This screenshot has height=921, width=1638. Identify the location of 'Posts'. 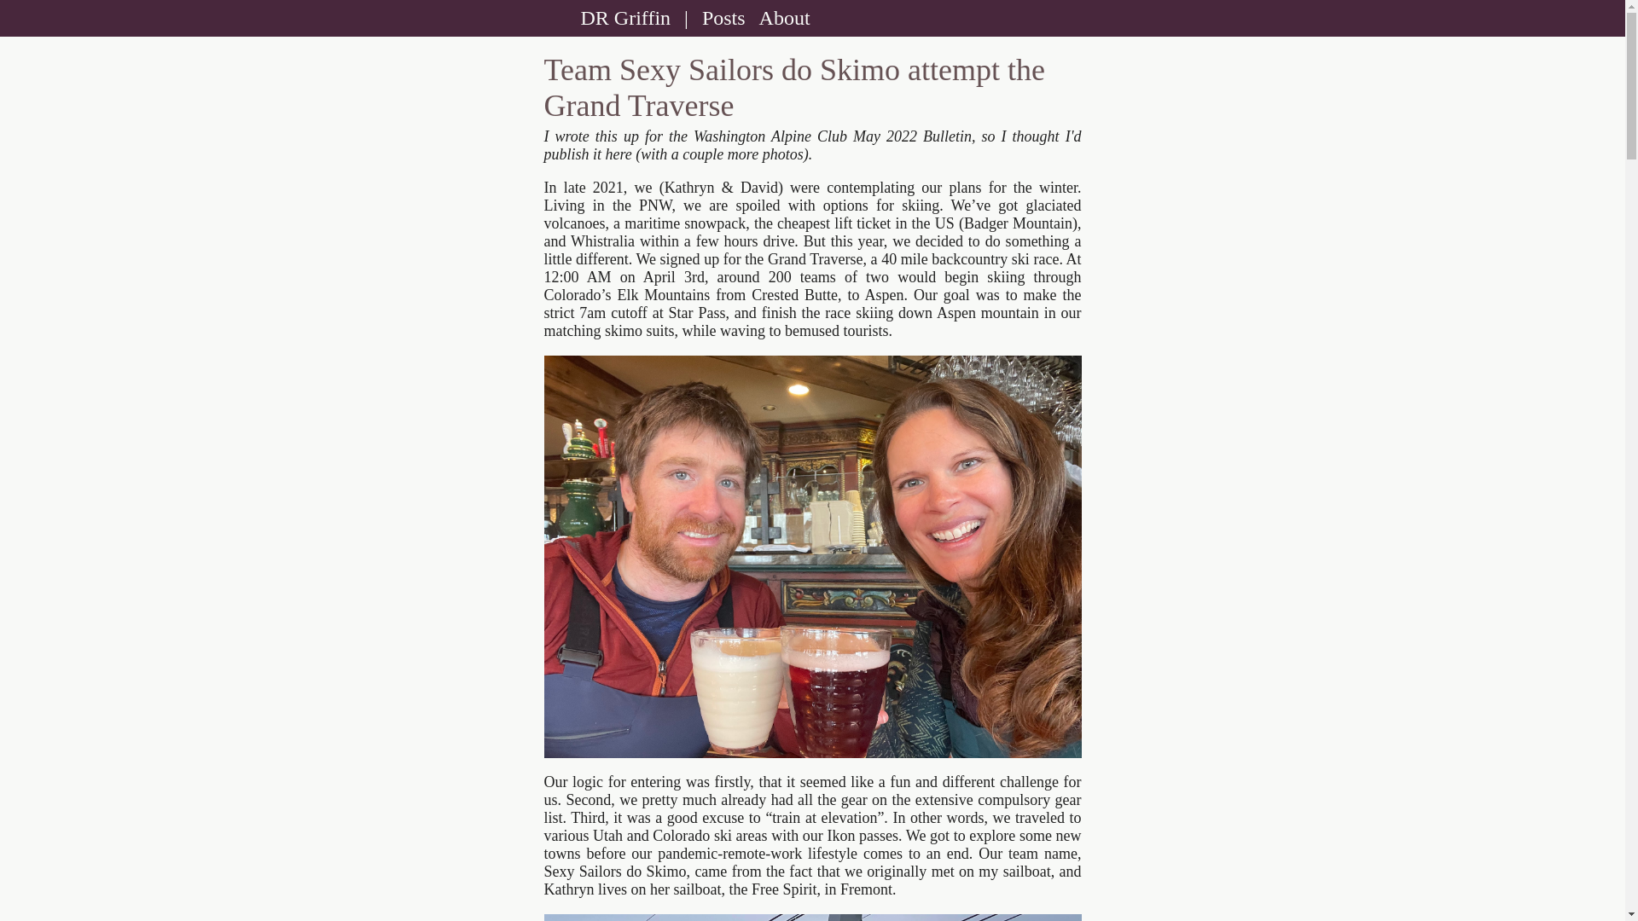
(695, 17).